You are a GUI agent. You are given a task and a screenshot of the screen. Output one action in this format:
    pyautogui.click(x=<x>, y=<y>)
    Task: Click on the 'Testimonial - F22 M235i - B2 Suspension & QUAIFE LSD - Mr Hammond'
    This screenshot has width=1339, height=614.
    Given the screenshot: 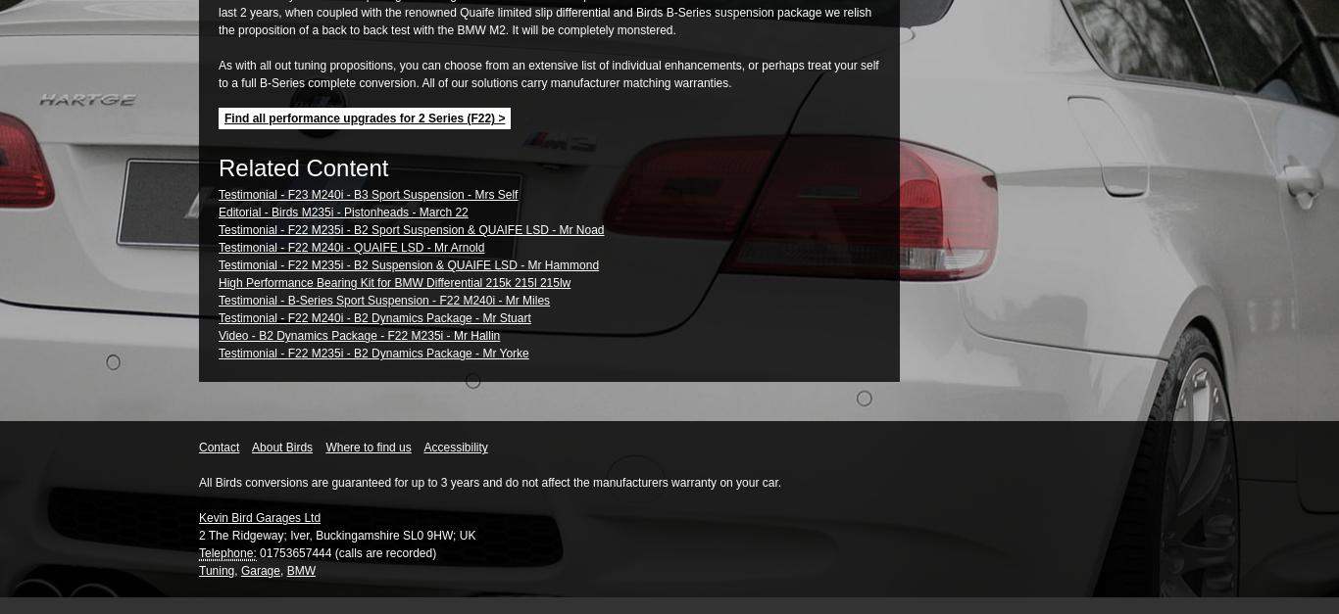 What is the action you would take?
    pyautogui.click(x=218, y=264)
    